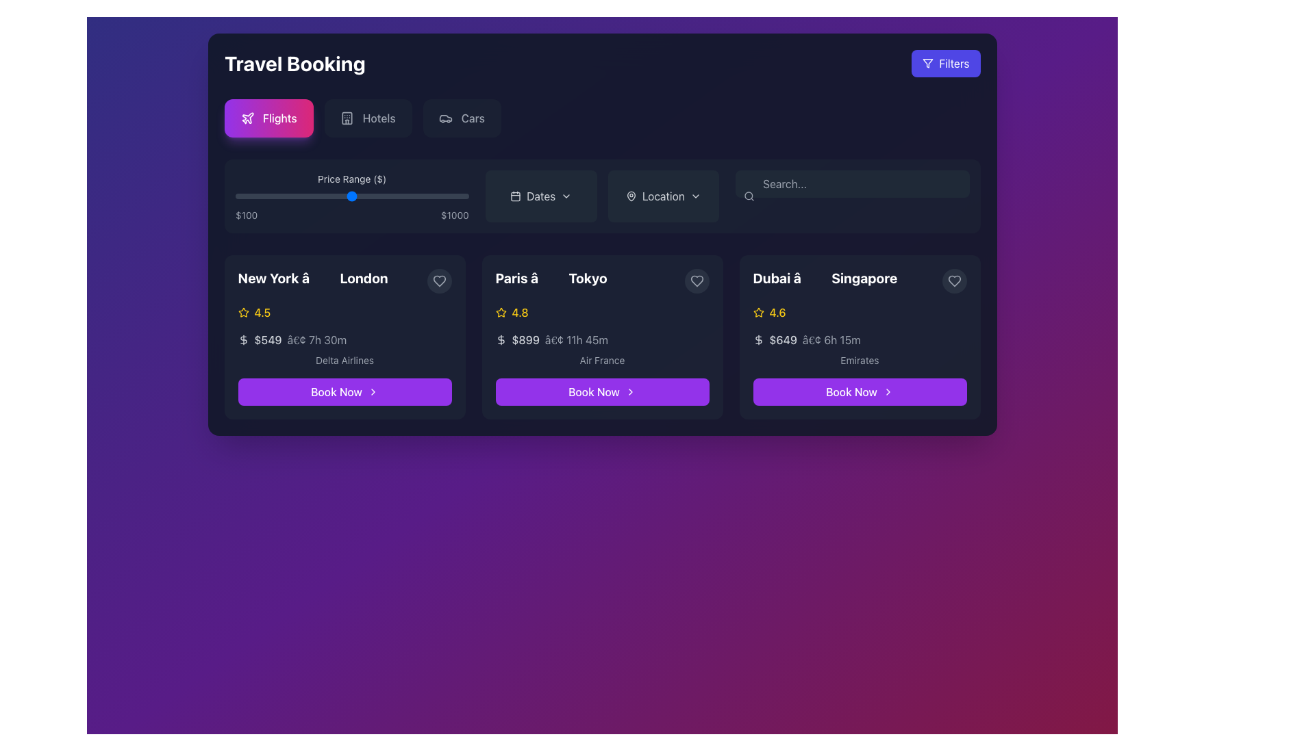  I want to click on the 'Flights' button located at the top-left section of the interface, so click(268, 118).